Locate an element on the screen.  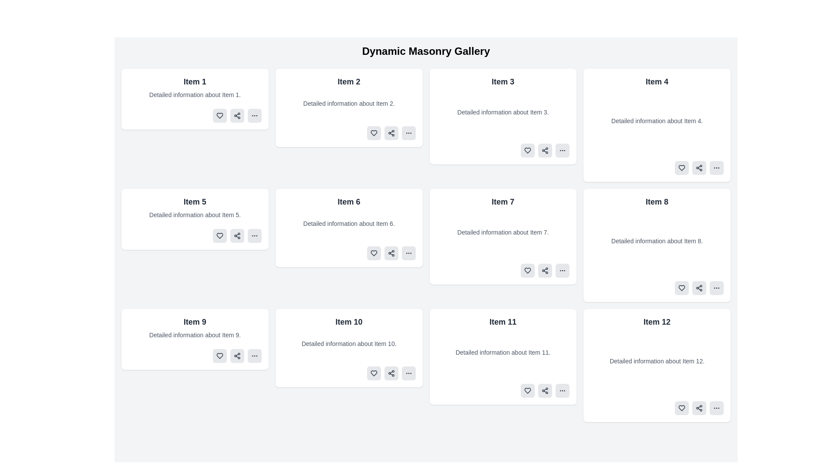
the 'like' icon located at the bottom-right corner of the 'Item 3' panel is located at coordinates (527, 150).